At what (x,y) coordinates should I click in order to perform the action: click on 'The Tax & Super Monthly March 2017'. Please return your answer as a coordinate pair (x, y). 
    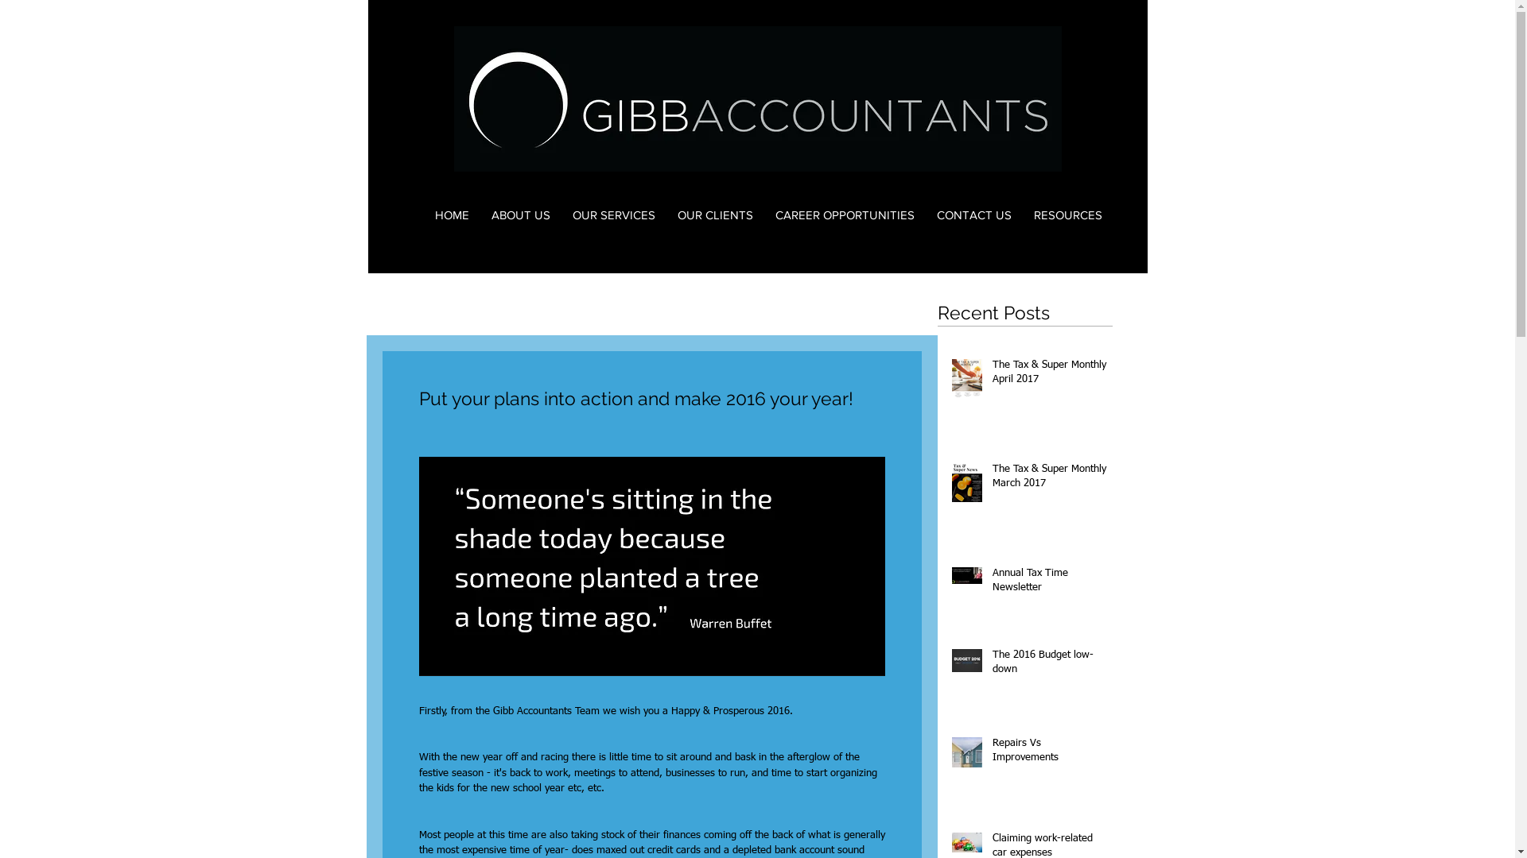
    Looking at the image, I should click on (1050, 479).